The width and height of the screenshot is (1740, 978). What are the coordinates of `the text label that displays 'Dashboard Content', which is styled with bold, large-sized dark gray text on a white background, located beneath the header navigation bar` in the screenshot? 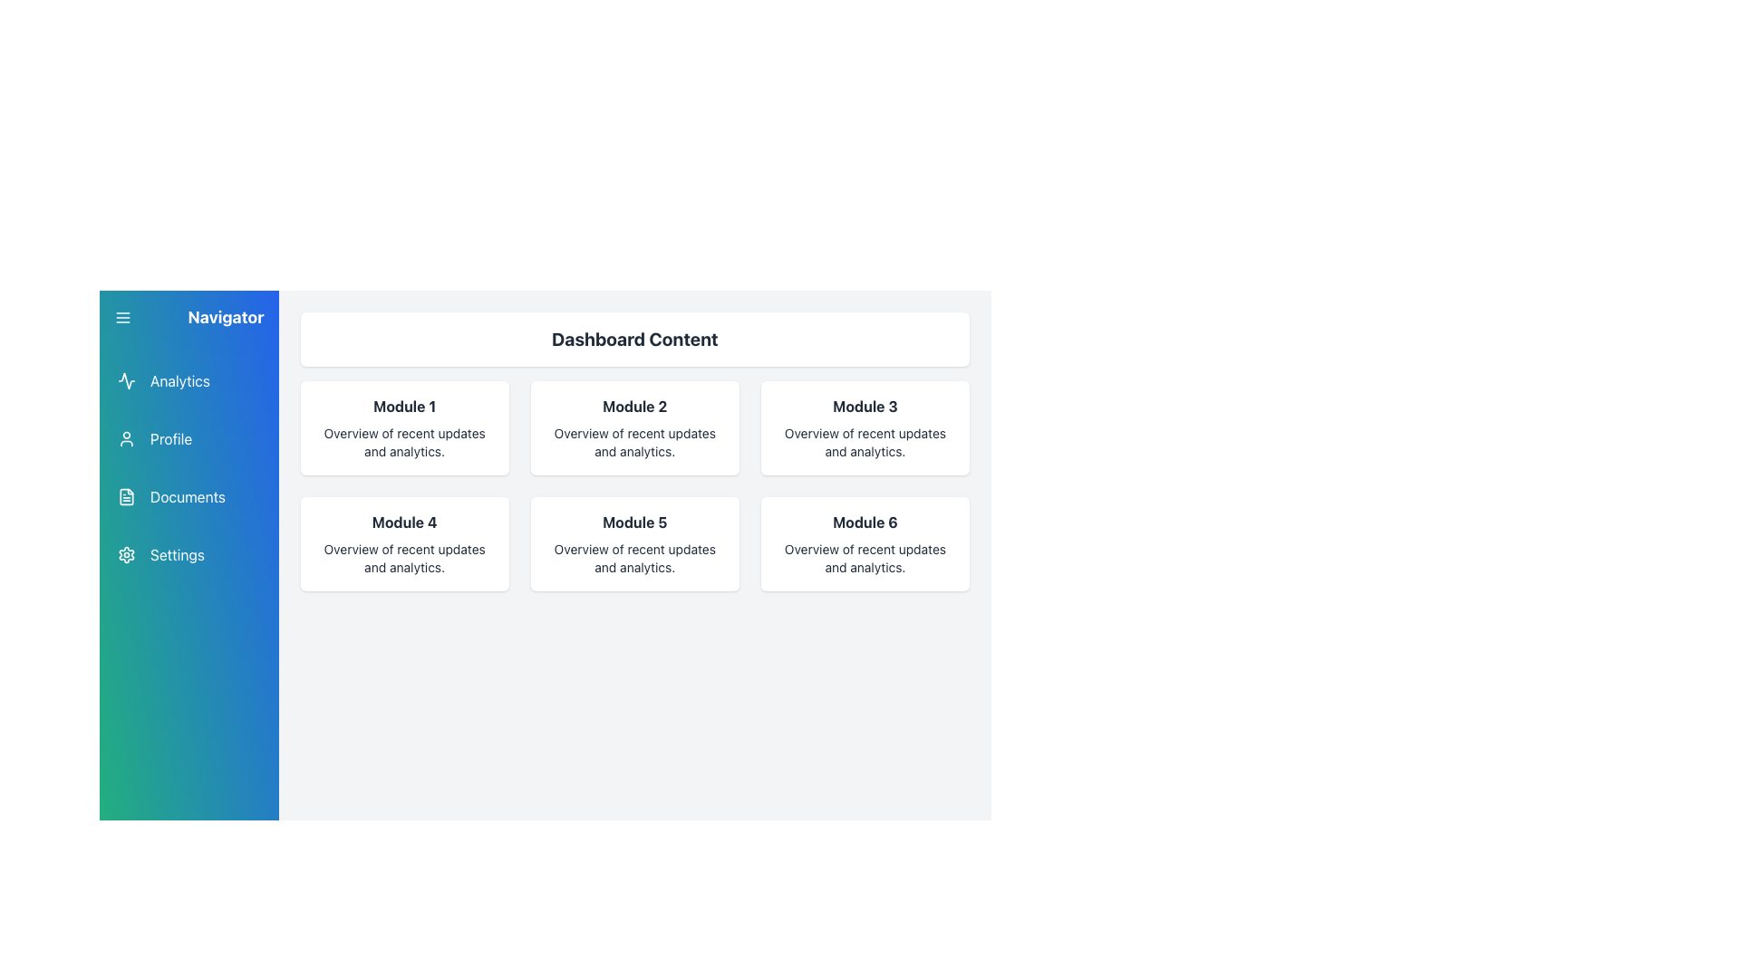 It's located at (634, 339).